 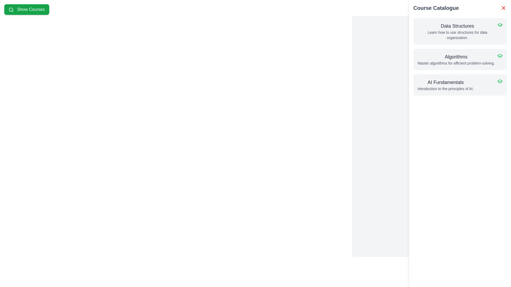 I want to click on the icon that signifies the 'AI Fundamentals' course, located to the right side of its section in the course list, so click(x=499, y=81).